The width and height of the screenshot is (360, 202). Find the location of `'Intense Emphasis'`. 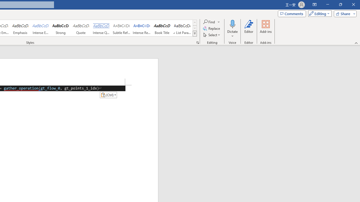

'Intense Emphasis' is located at coordinates (40, 28).